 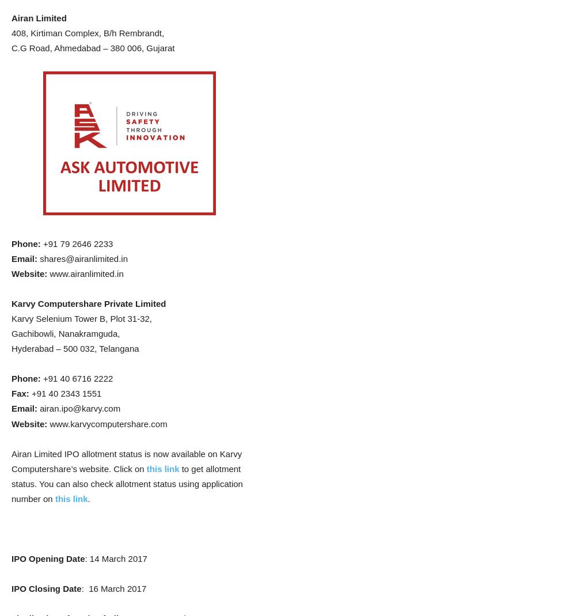 What do you see at coordinates (46, 588) in the screenshot?
I see `'IPO Closing Date'` at bounding box center [46, 588].